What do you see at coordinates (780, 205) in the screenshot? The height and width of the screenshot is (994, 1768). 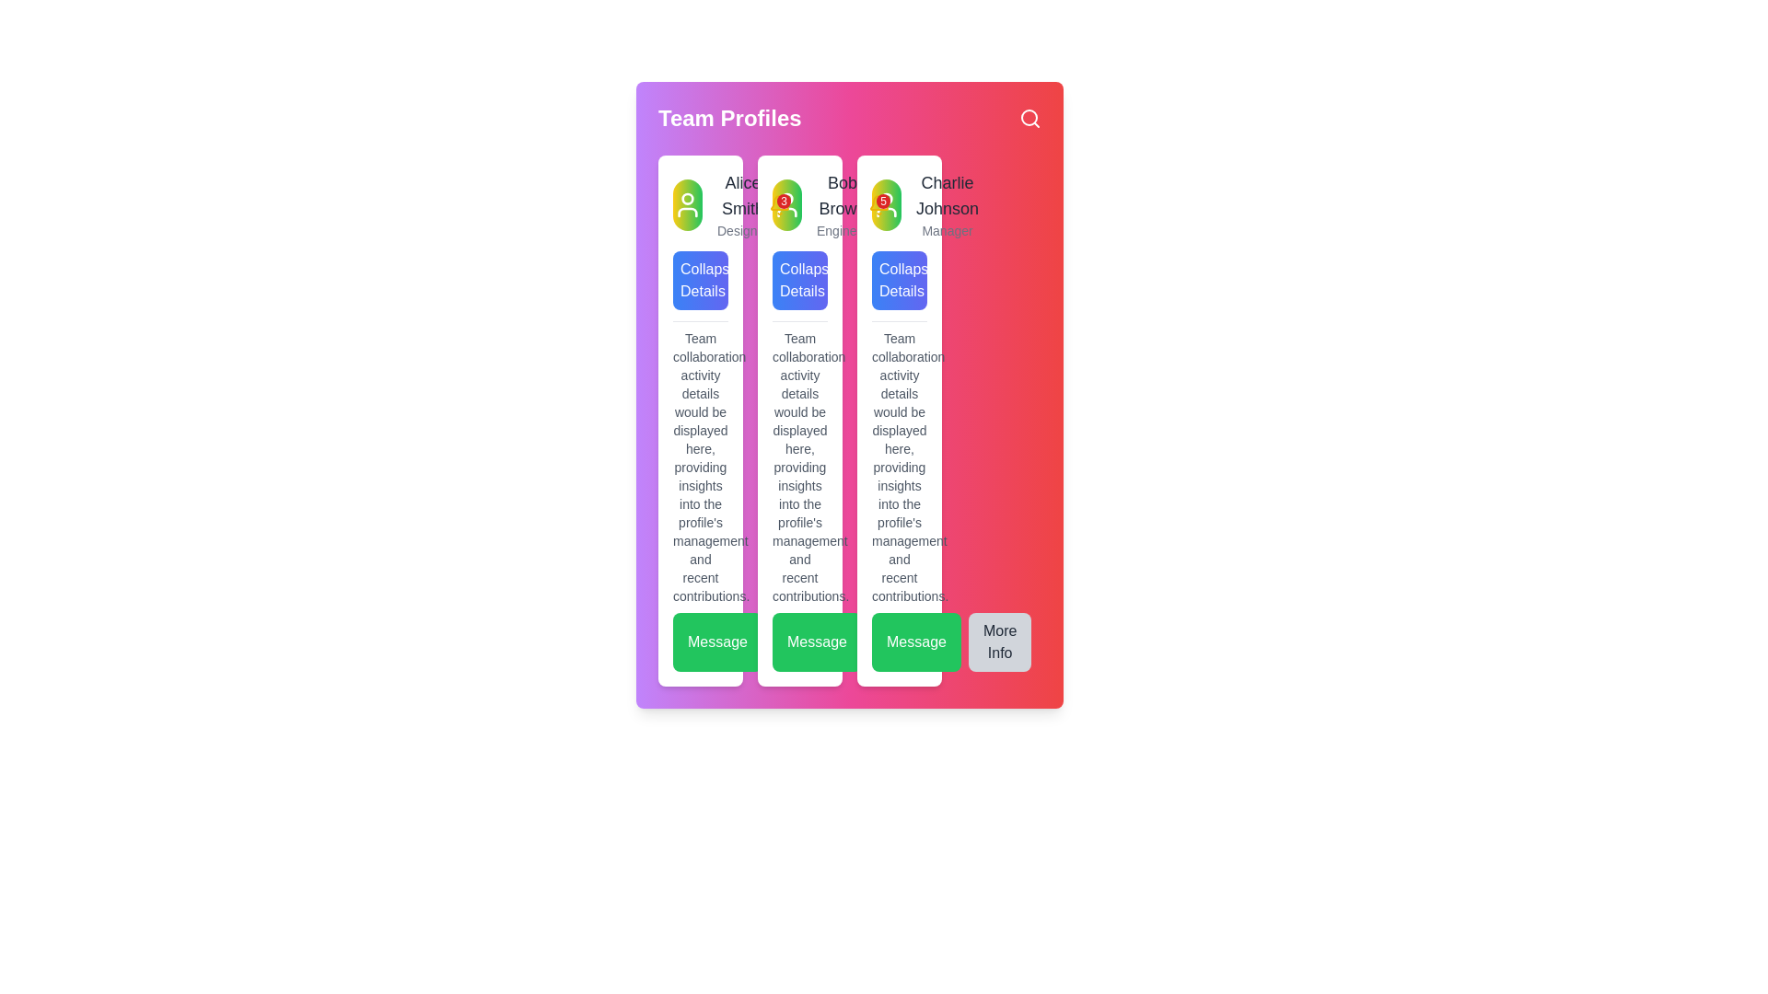 I see `the Notification badge for 'Alice Smith' located at the top-right corner of the profile card, next to the bell icon` at bounding box center [780, 205].